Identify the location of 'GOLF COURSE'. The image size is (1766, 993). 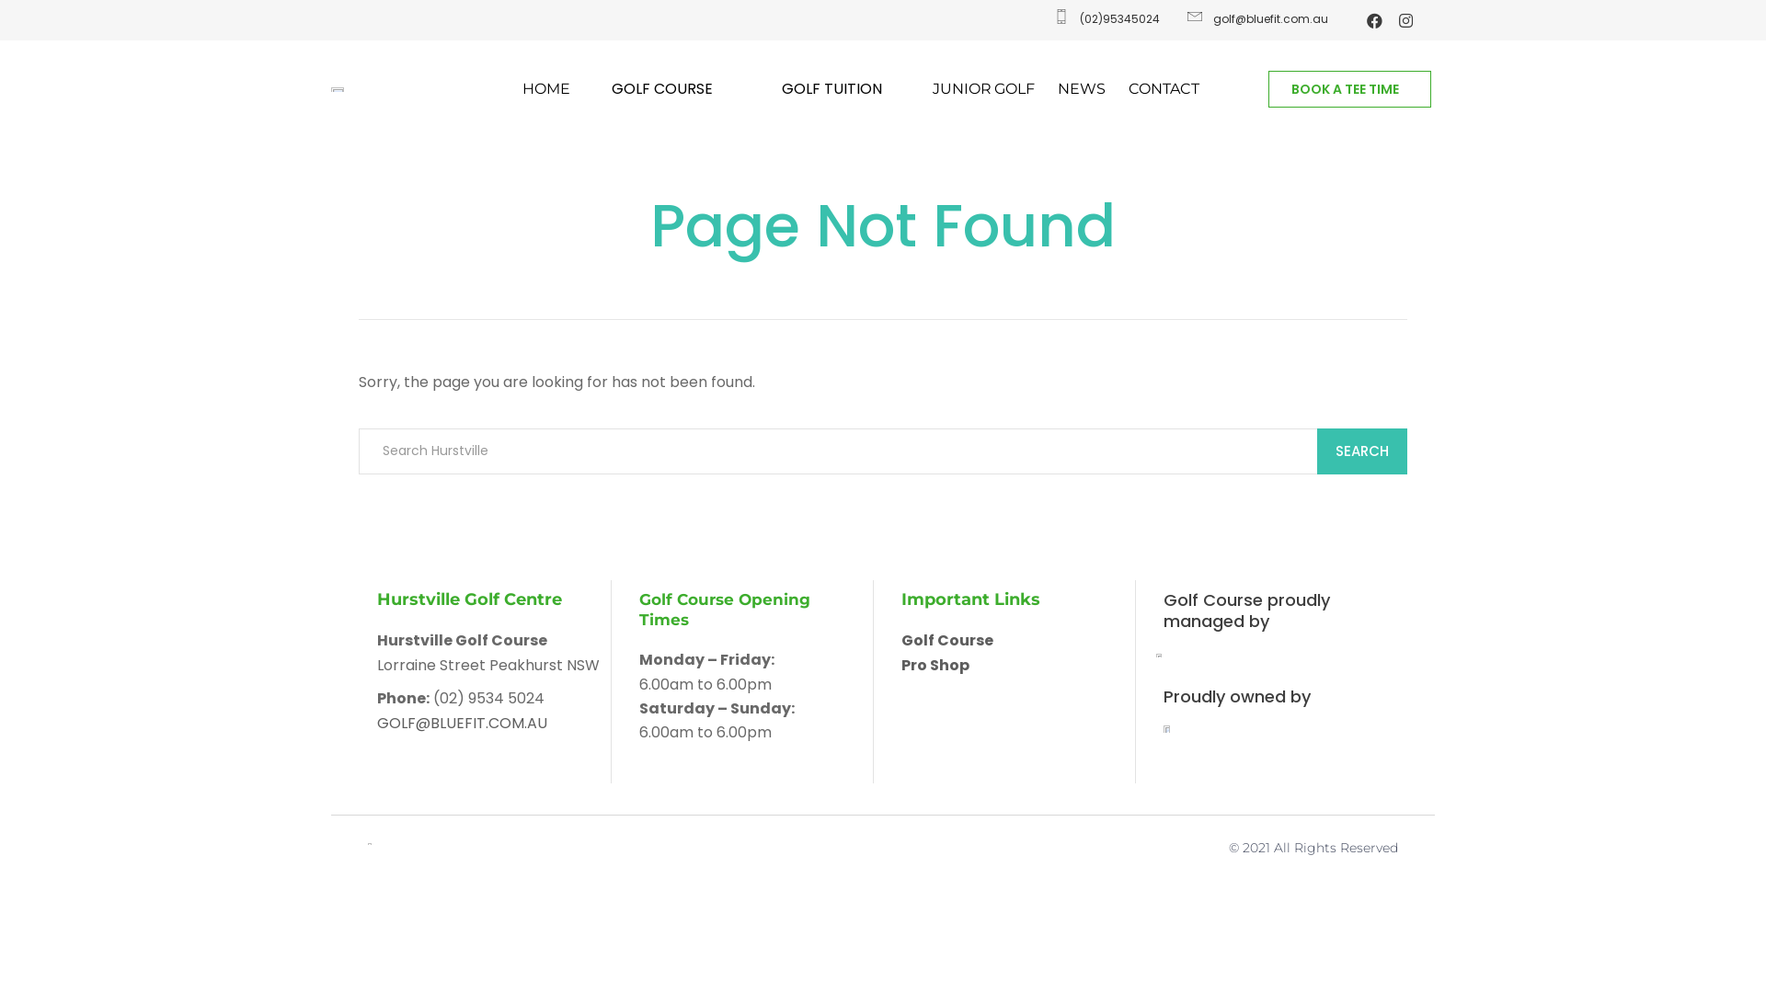
(665, 88).